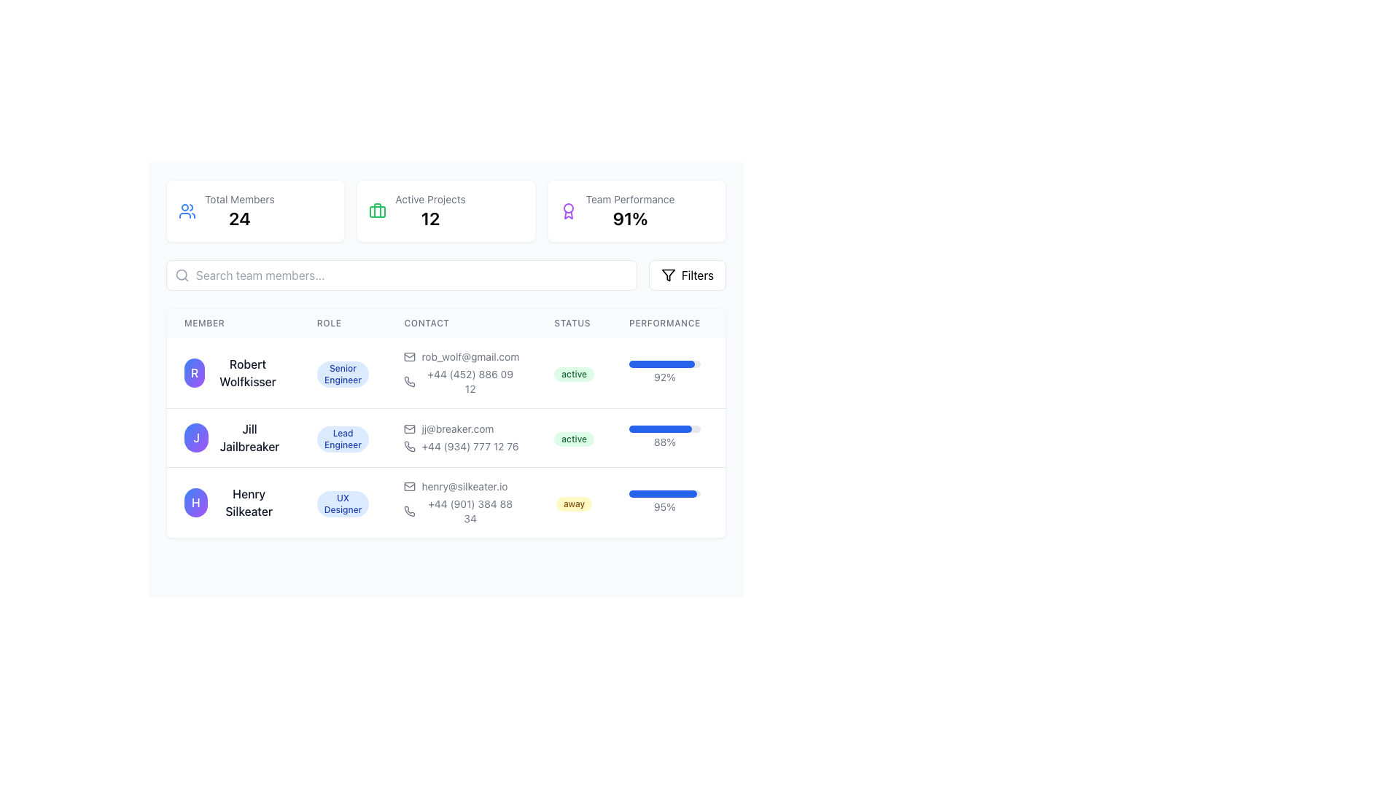  What do you see at coordinates (342, 437) in the screenshot?
I see `the label representing the job title of 'Jill Jailbreaker' located in the 'ROLE' column of the second row, between 'MEMBER' and 'CONTACT'` at bounding box center [342, 437].